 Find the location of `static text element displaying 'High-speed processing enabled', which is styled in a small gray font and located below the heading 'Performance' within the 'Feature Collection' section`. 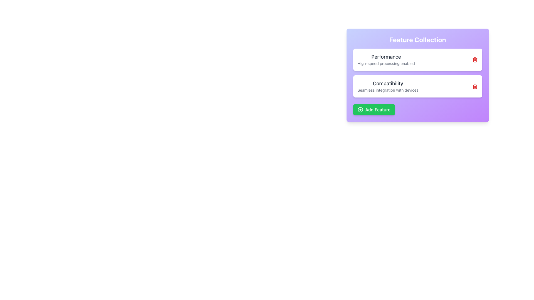

static text element displaying 'High-speed processing enabled', which is styled in a small gray font and located below the heading 'Performance' within the 'Feature Collection' section is located at coordinates (386, 63).